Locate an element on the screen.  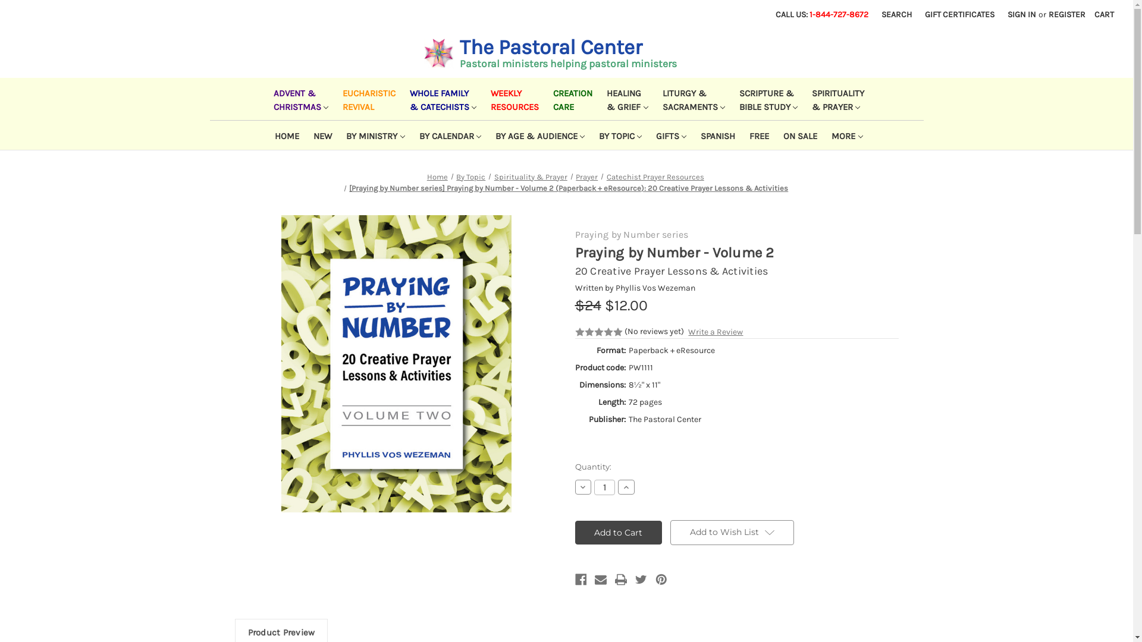
'Spirituality & Prayer' is located at coordinates (530, 177).